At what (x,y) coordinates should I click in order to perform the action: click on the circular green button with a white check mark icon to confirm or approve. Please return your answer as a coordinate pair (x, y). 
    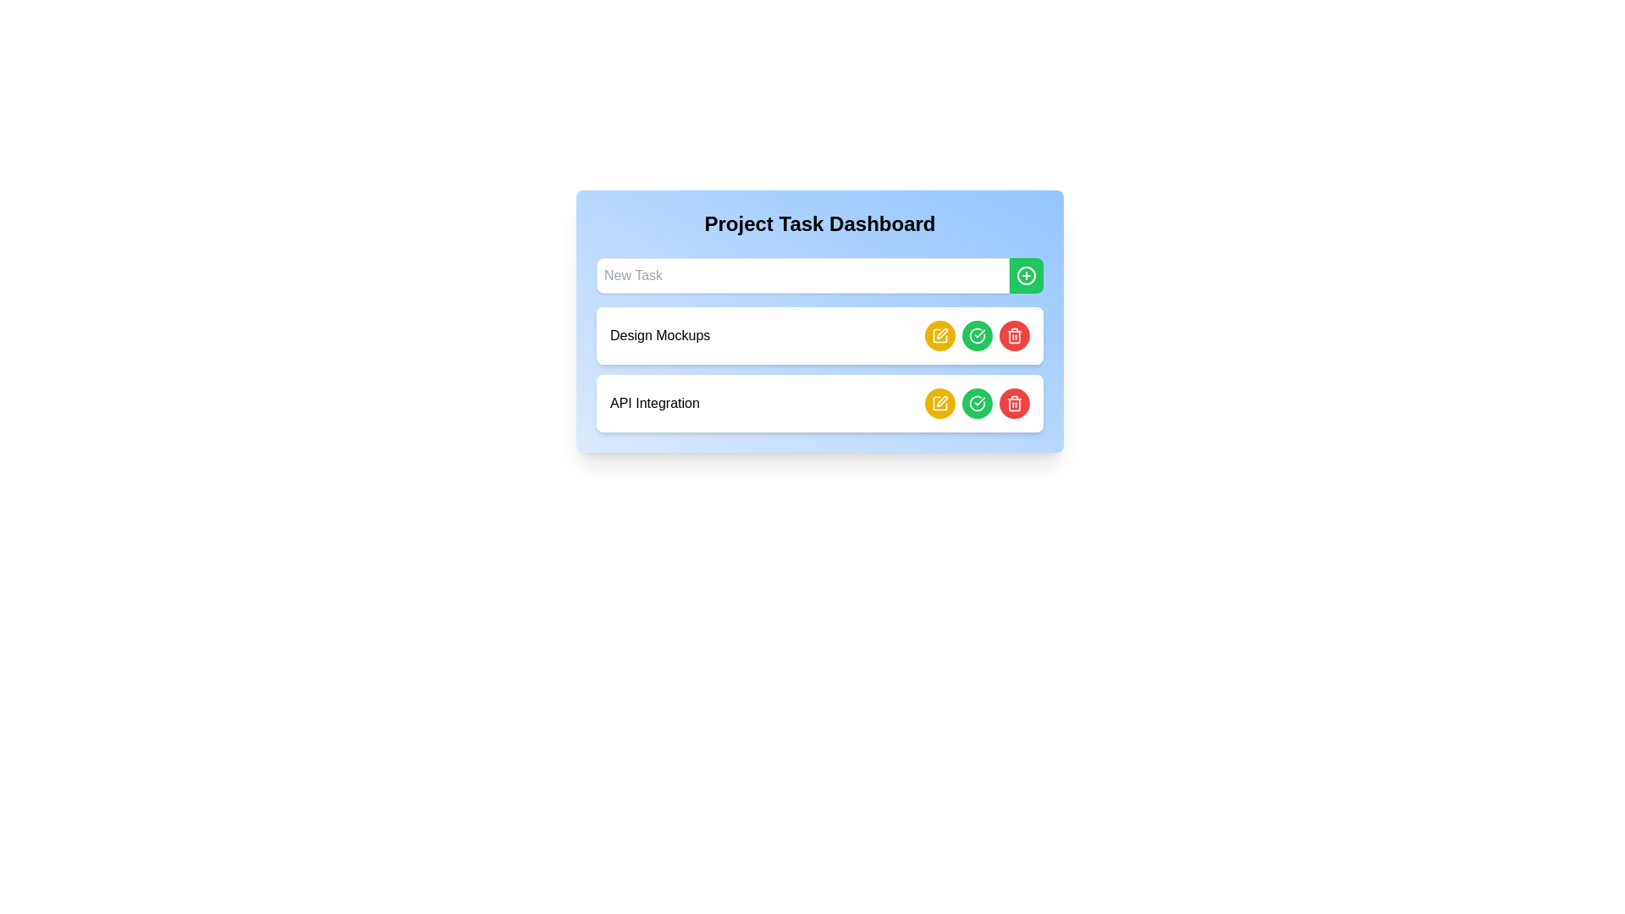
    Looking at the image, I should click on (978, 336).